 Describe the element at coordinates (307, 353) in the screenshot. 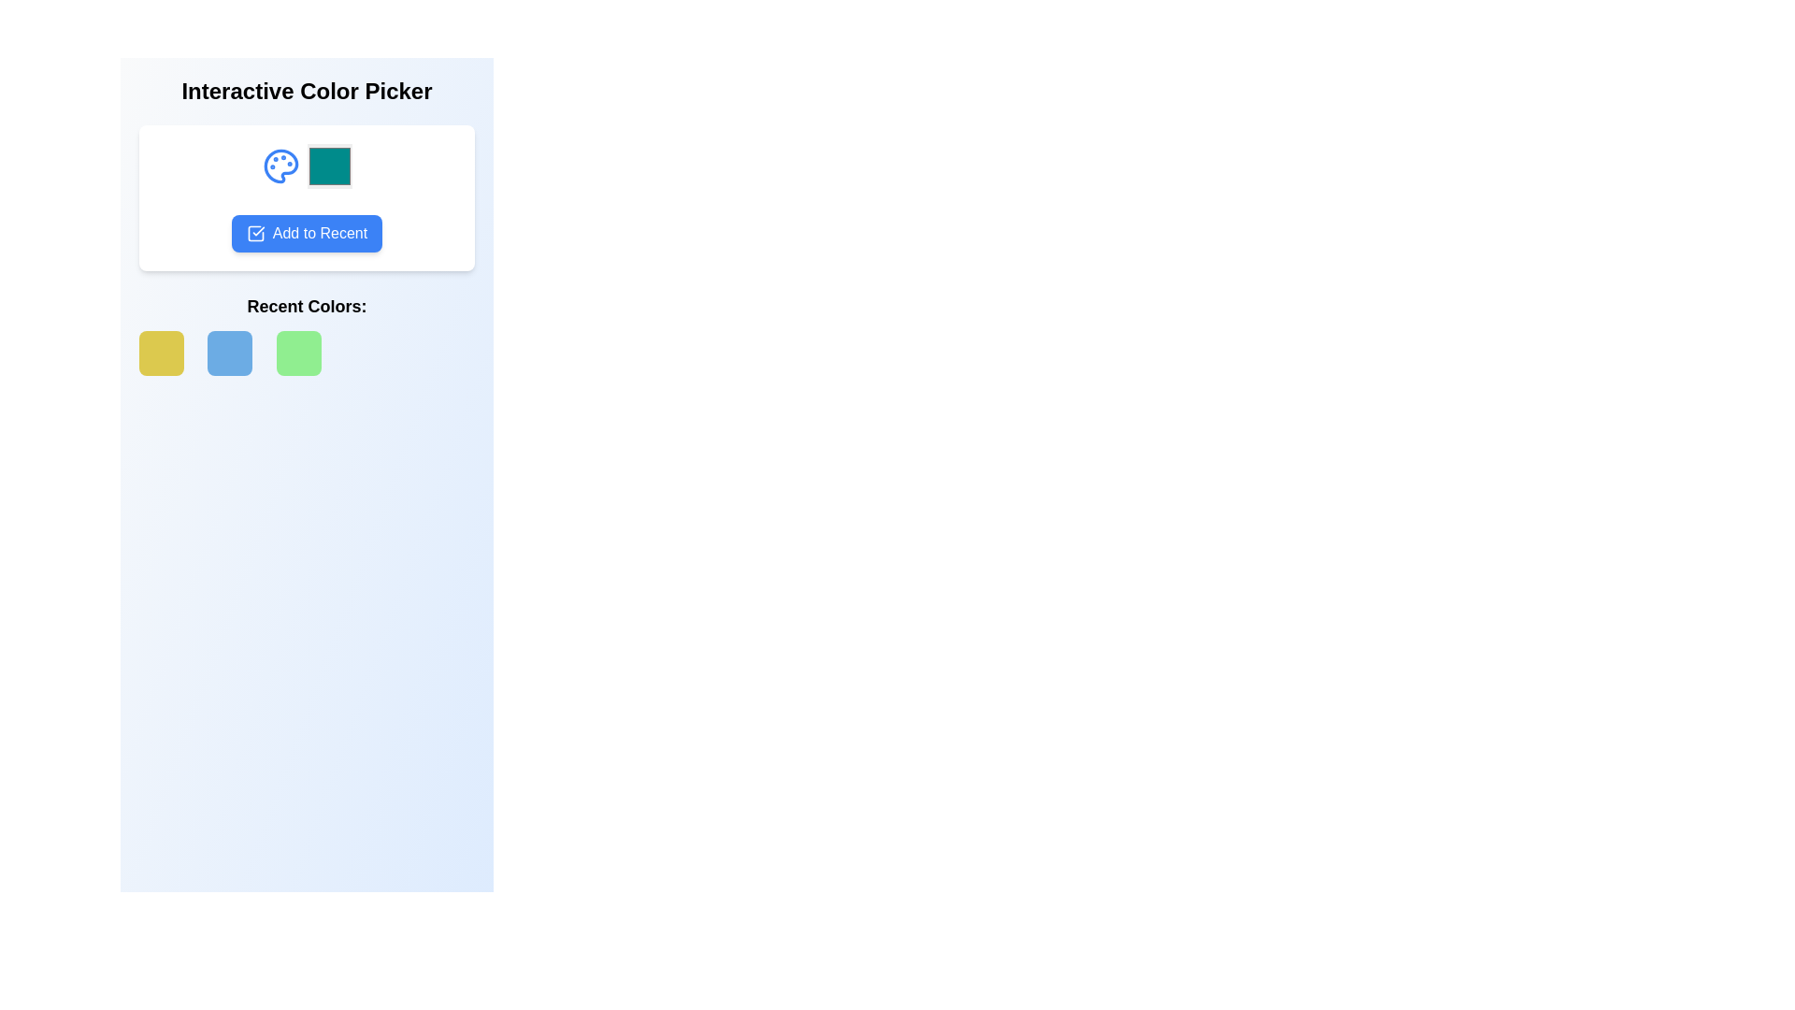

I see `the third square in the 'Recent Colors:' section` at that location.